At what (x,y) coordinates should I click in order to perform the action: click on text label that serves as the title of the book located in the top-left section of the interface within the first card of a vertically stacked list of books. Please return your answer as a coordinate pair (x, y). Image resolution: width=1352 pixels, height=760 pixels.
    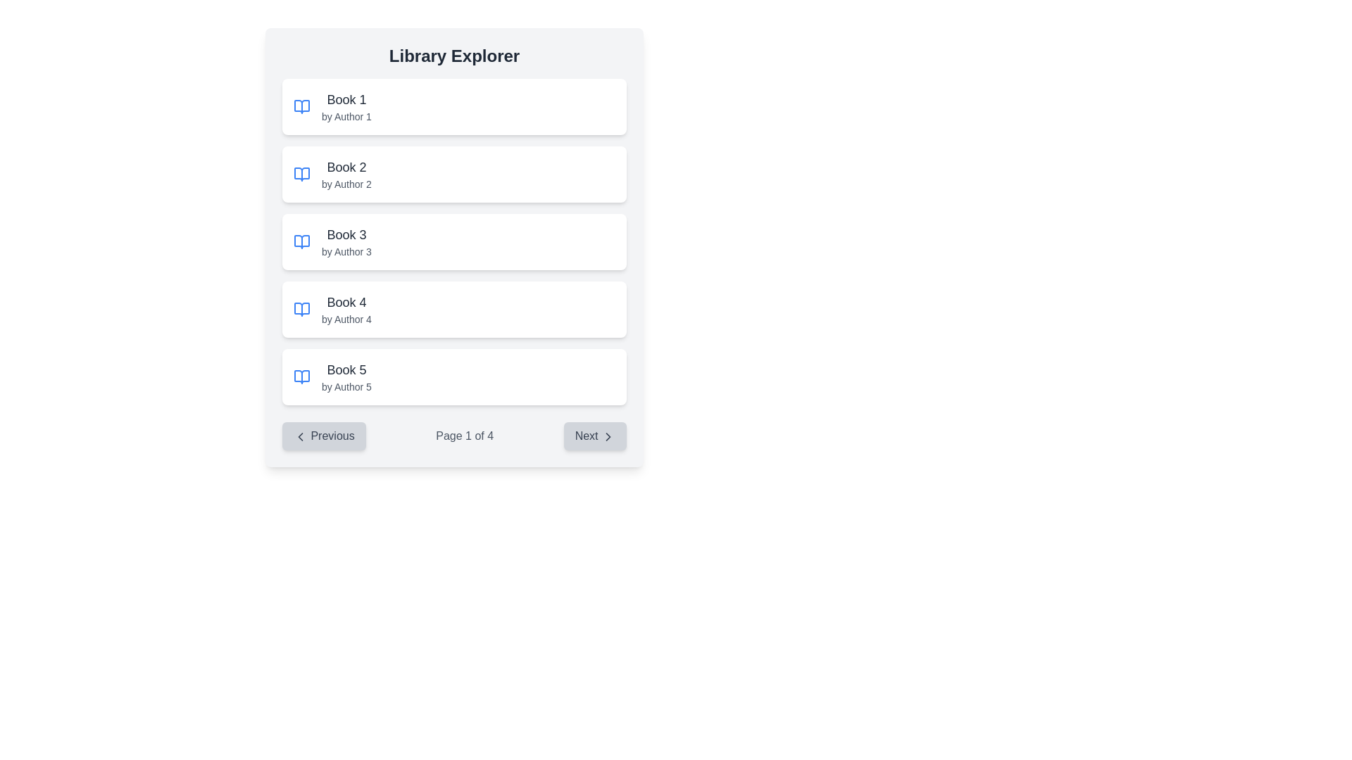
    Looking at the image, I should click on (346, 99).